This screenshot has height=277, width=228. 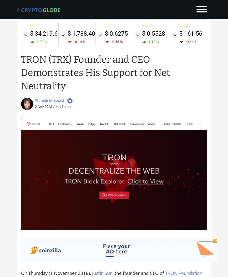 What do you see at coordinates (190, 33) in the screenshot?
I see `'$ 161.56'` at bounding box center [190, 33].